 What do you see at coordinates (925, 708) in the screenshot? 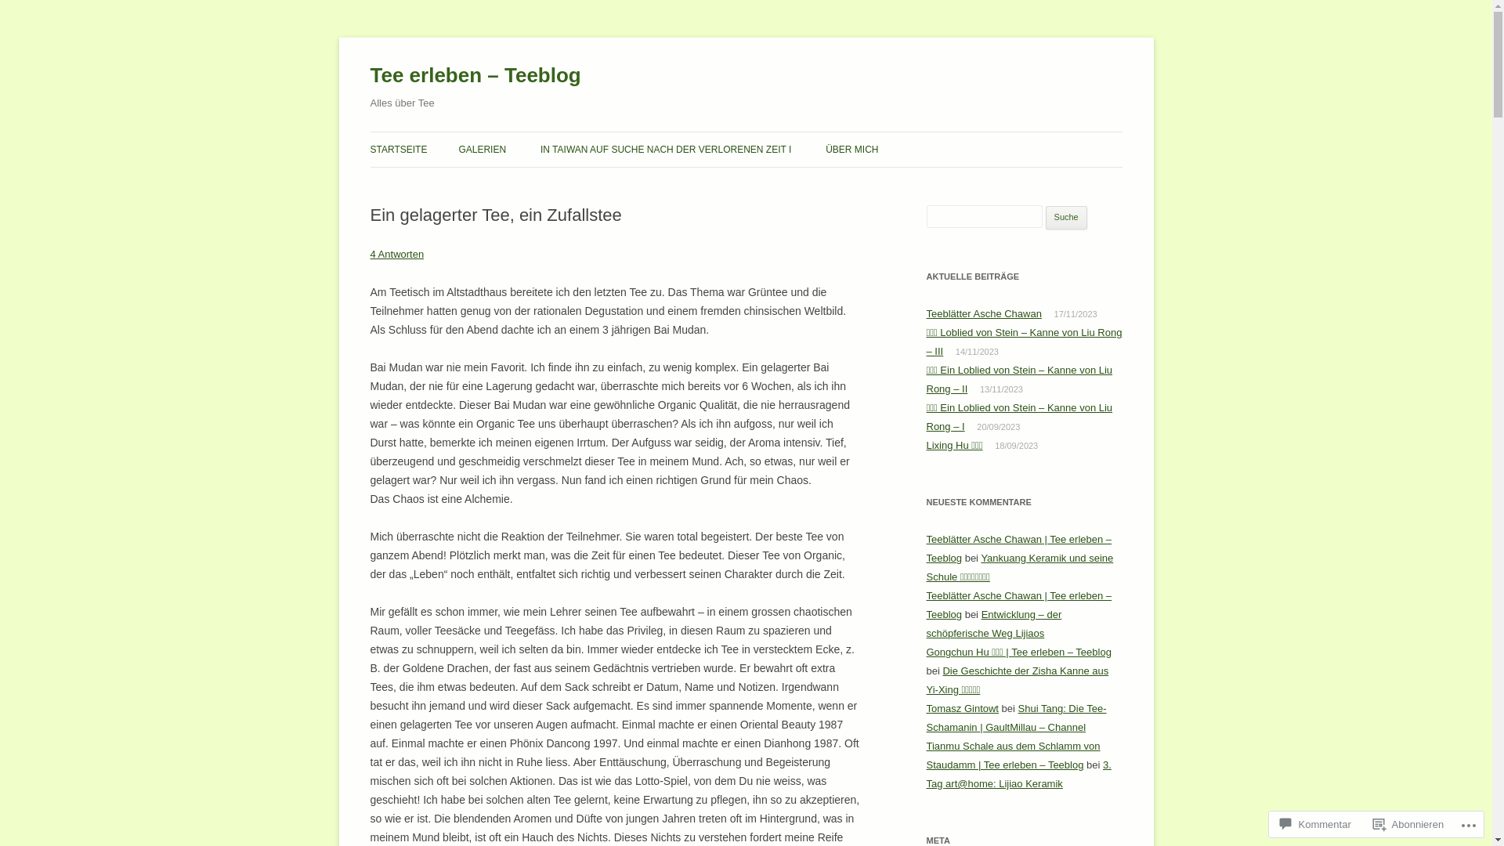
I see `'Tomasz Gintowt'` at bounding box center [925, 708].